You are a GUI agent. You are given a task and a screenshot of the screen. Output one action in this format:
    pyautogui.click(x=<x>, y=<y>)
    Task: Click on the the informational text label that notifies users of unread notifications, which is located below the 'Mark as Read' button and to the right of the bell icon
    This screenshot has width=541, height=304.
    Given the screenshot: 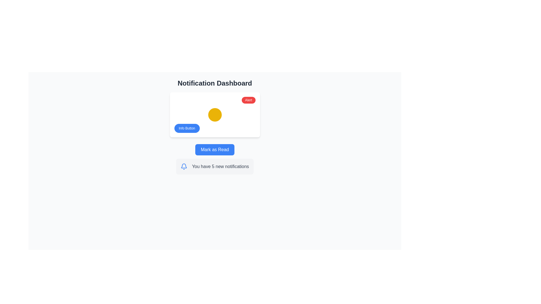 What is the action you would take?
    pyautogui.click(x=220, y=166)
    